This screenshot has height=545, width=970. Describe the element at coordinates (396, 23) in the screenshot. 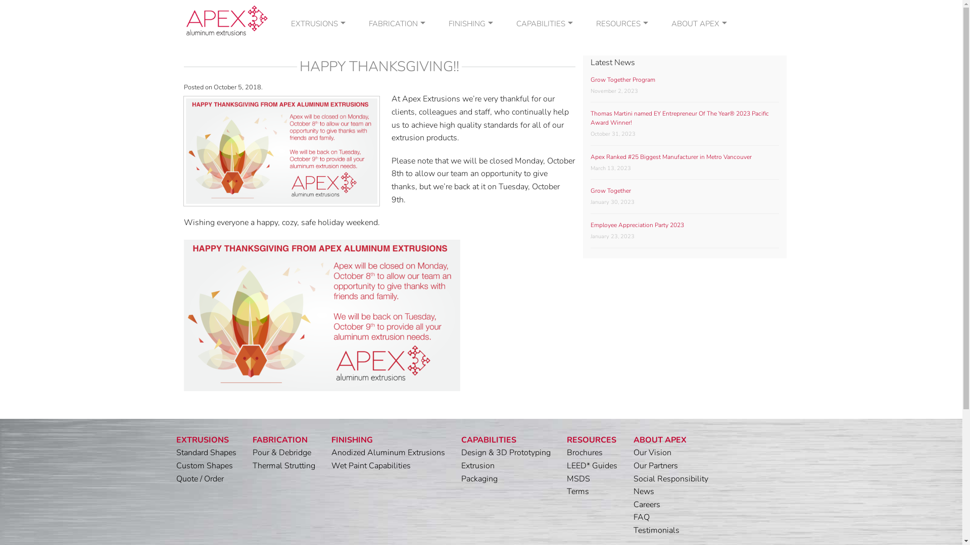

I see `'FABRICATION'` at that location.